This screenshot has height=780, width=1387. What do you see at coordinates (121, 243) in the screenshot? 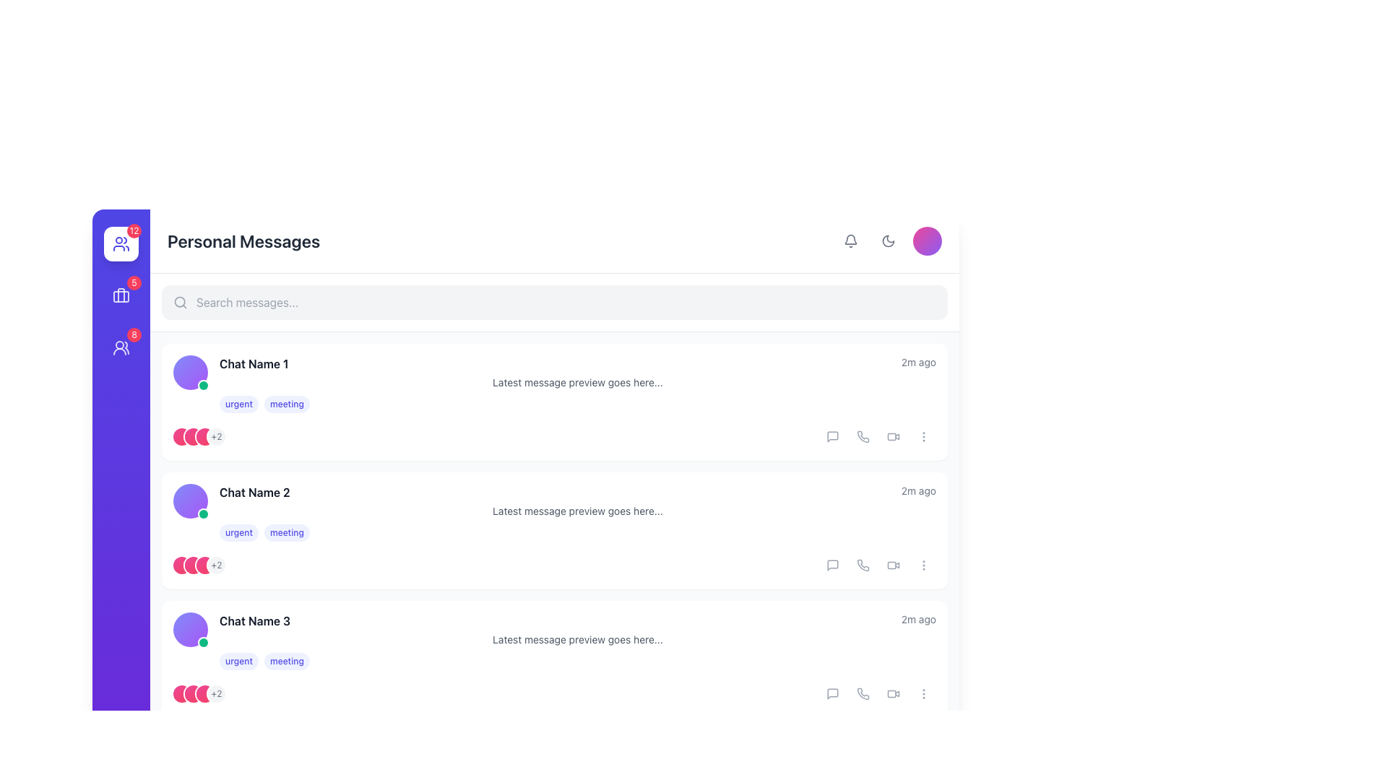
I see `the first navigational button in the sidebar, which provides access to group or user management` at bounding box center [121, 243].